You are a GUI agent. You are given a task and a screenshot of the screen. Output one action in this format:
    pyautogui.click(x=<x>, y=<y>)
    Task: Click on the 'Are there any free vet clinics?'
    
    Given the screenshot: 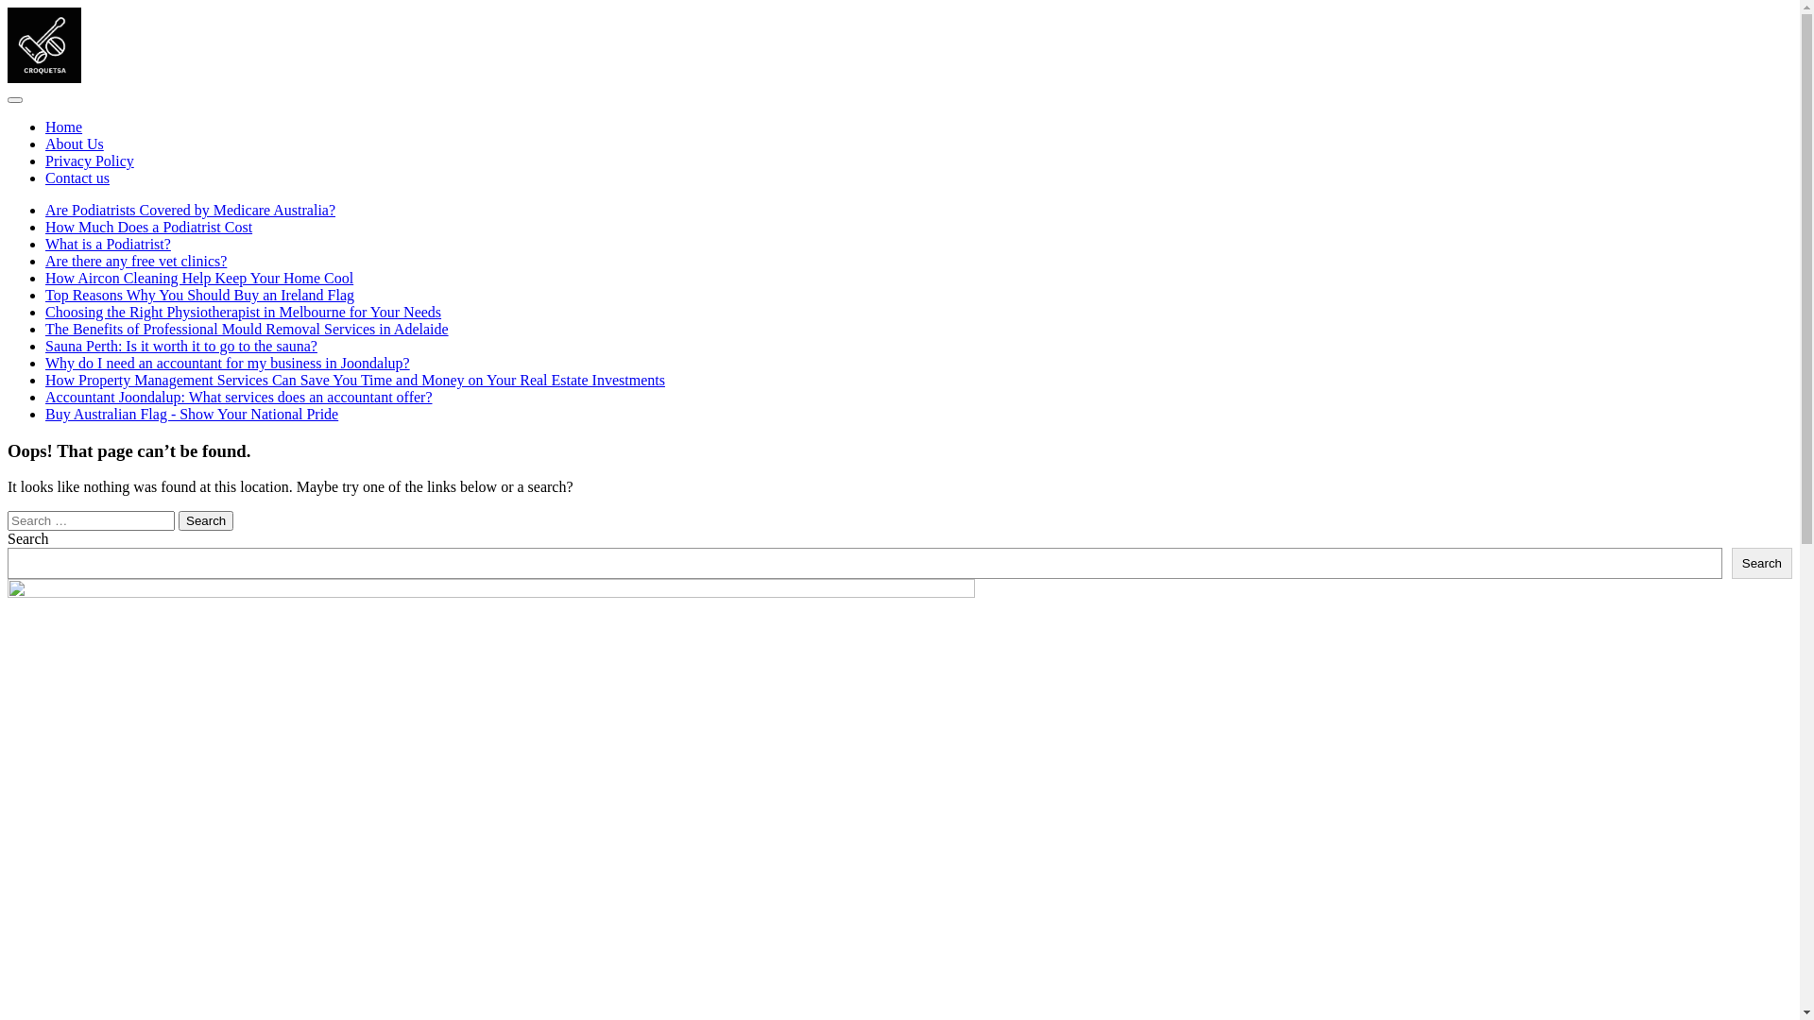 What is the action you would take?
    pyautogui.click(x=135, y=261)
    